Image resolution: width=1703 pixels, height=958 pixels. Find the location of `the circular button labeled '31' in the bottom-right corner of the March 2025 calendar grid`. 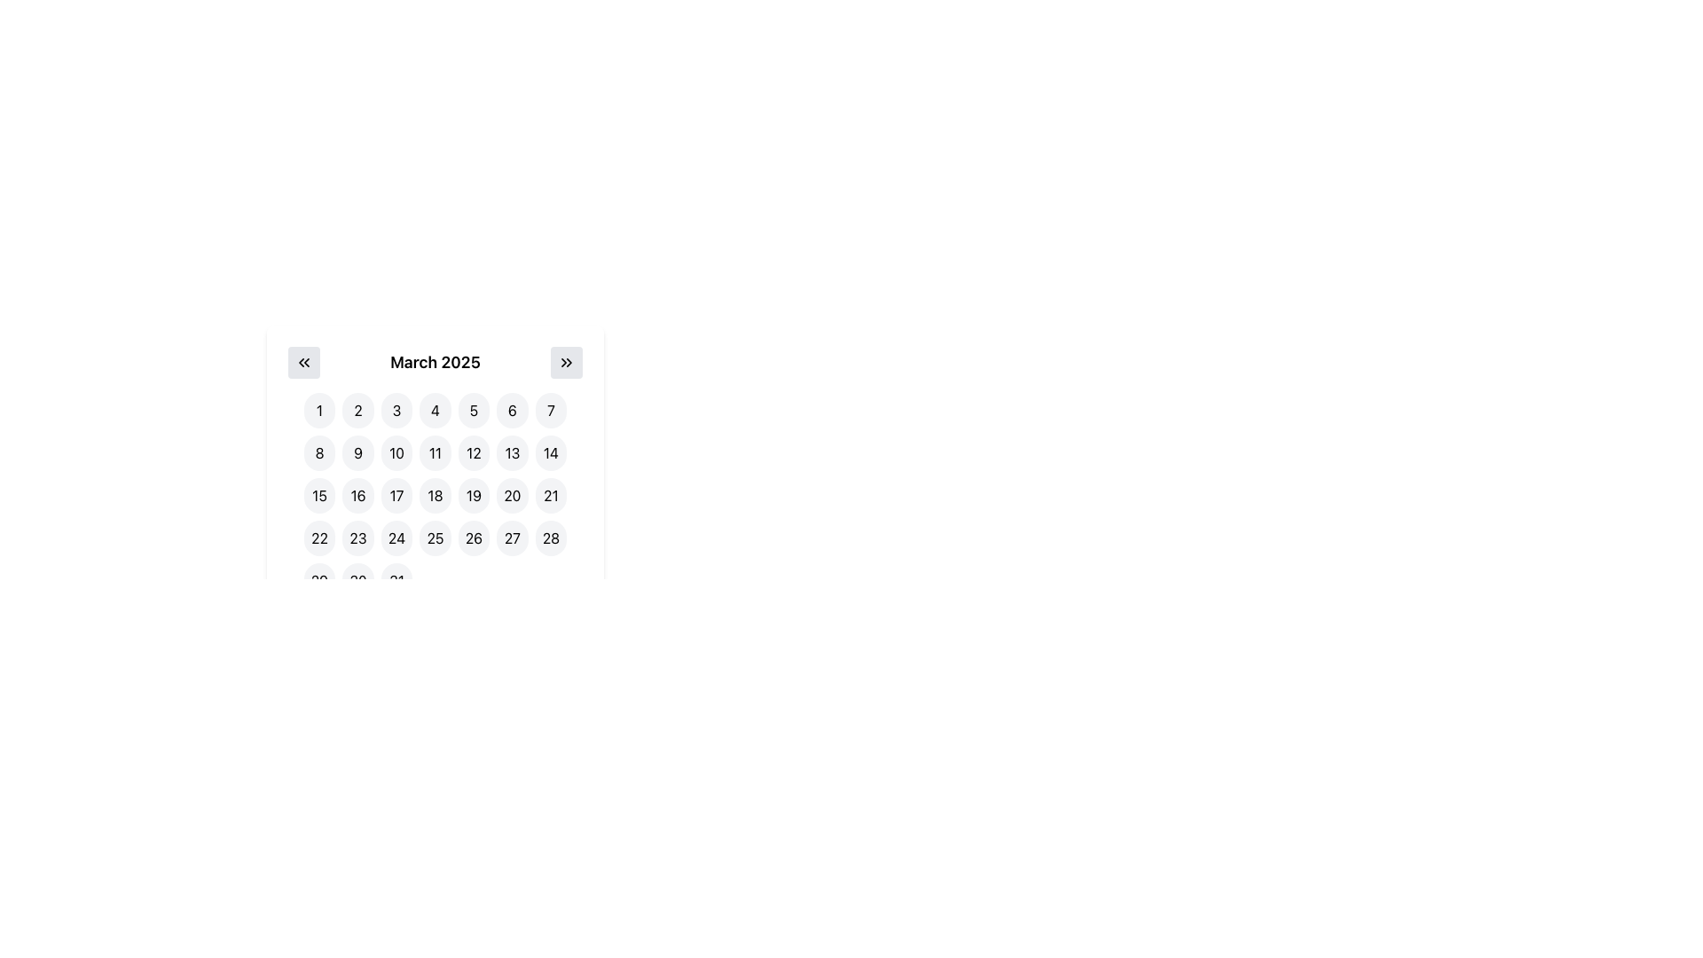

the circular button labeled '31' in the bottom-right corner of the March 2025 calendar grid is located at coordinates (396, 581).